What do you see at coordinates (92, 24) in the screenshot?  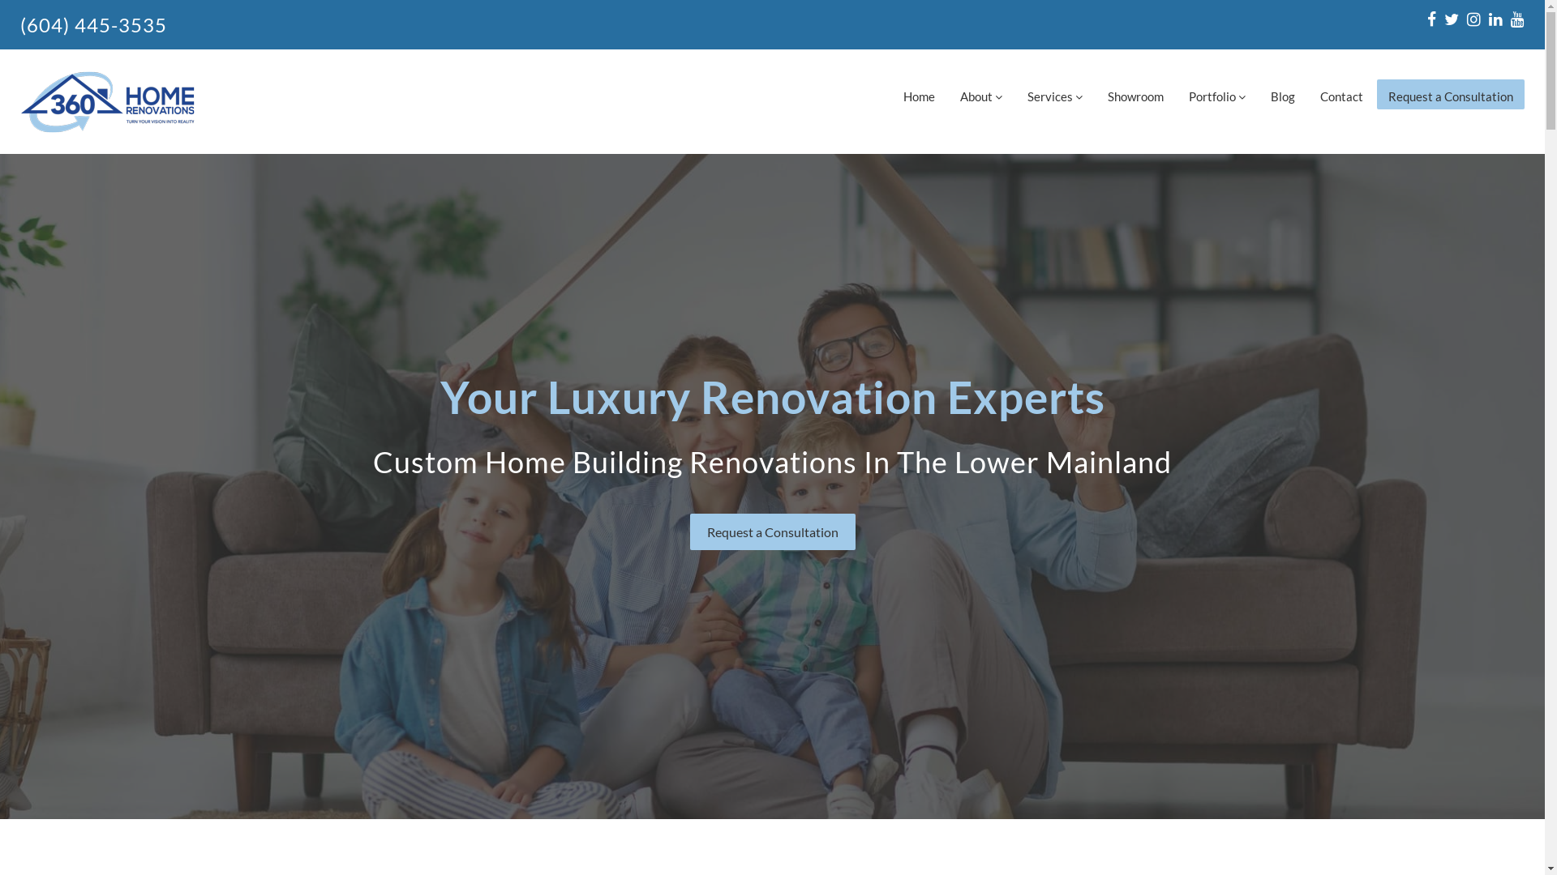 I see `'(604) 445-3535'` at bounding box center [92, 24].